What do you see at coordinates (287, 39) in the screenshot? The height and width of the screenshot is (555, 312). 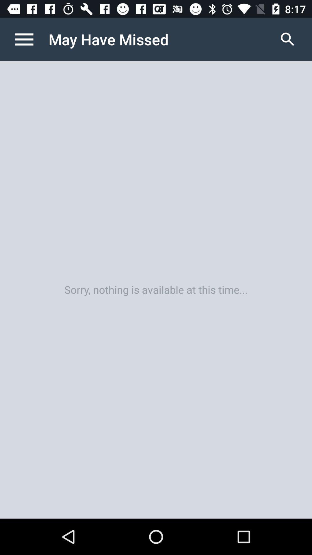 I see `icon at the top right corner` at bounding box center [287, 39].